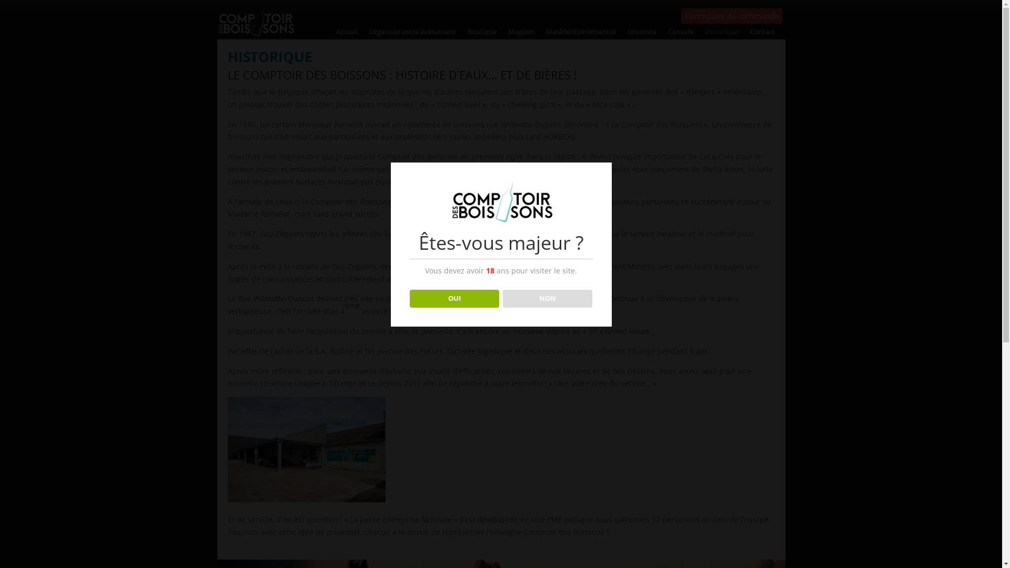 The width and height of the screenshot is (1010, 568). What do you see at coordinates (481, 33) in the screenshot?
I see `'Boutique'` at bounding box center [481, 33].